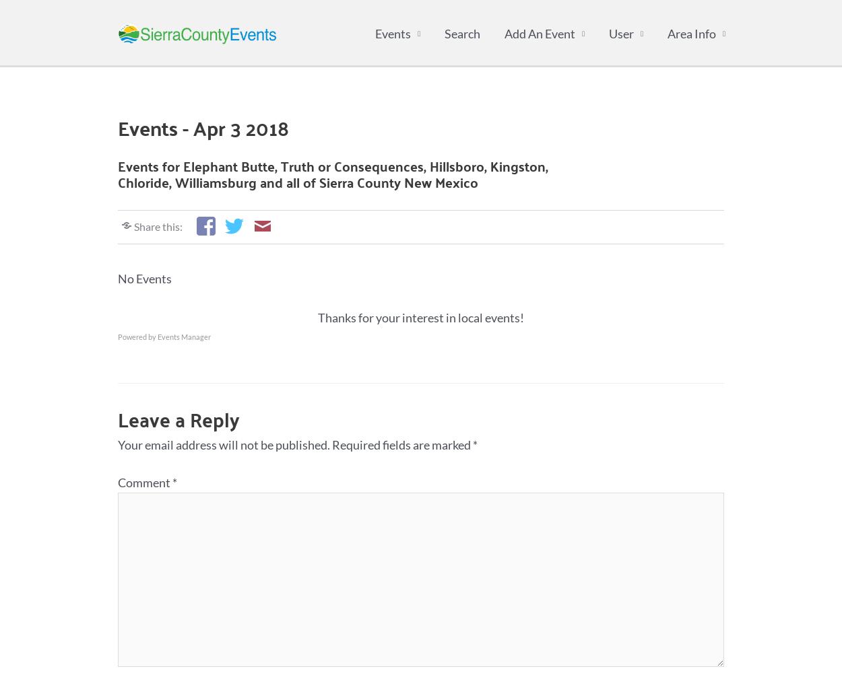 This screenshot has width=842, height=673. Describe the element at coordinates (375, 34) in the screenshot. I see `'Events'` at that location.